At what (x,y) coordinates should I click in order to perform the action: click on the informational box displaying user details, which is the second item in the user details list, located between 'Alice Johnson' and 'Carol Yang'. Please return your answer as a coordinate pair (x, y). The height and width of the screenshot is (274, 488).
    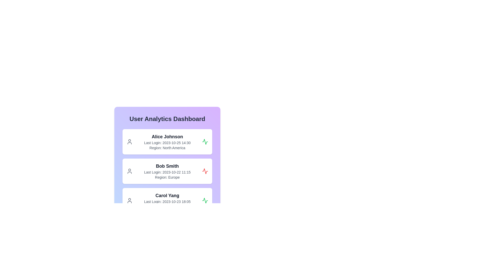
    Looking at the image, I should click on (167, 171).